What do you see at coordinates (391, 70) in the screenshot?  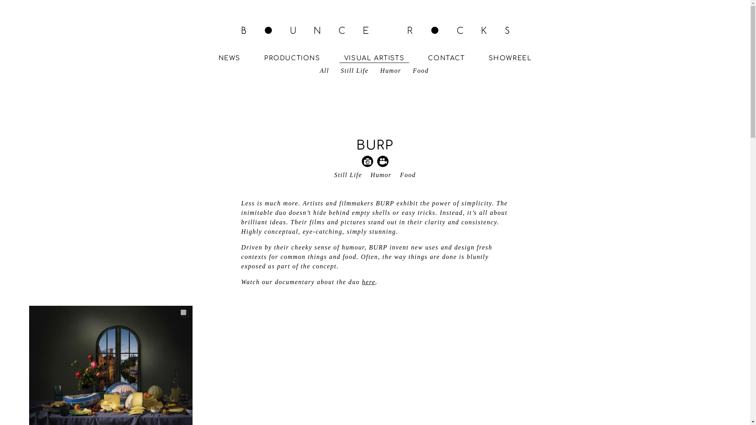 I see `'Humor'` at bounding box center [391, 70].